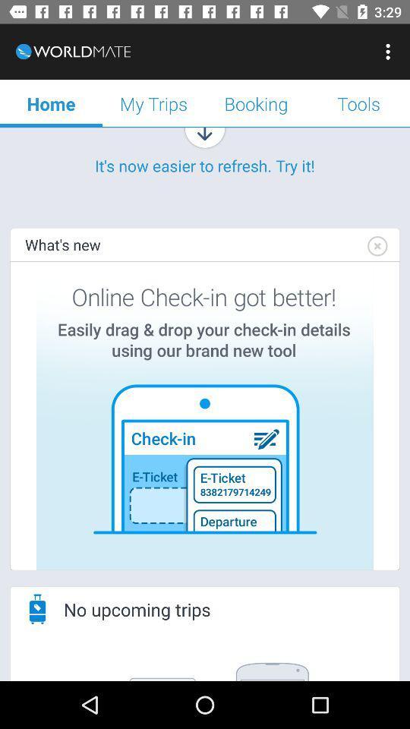 This screenshot has height=729, width=410. I want to click on tap, so click(376, 246).